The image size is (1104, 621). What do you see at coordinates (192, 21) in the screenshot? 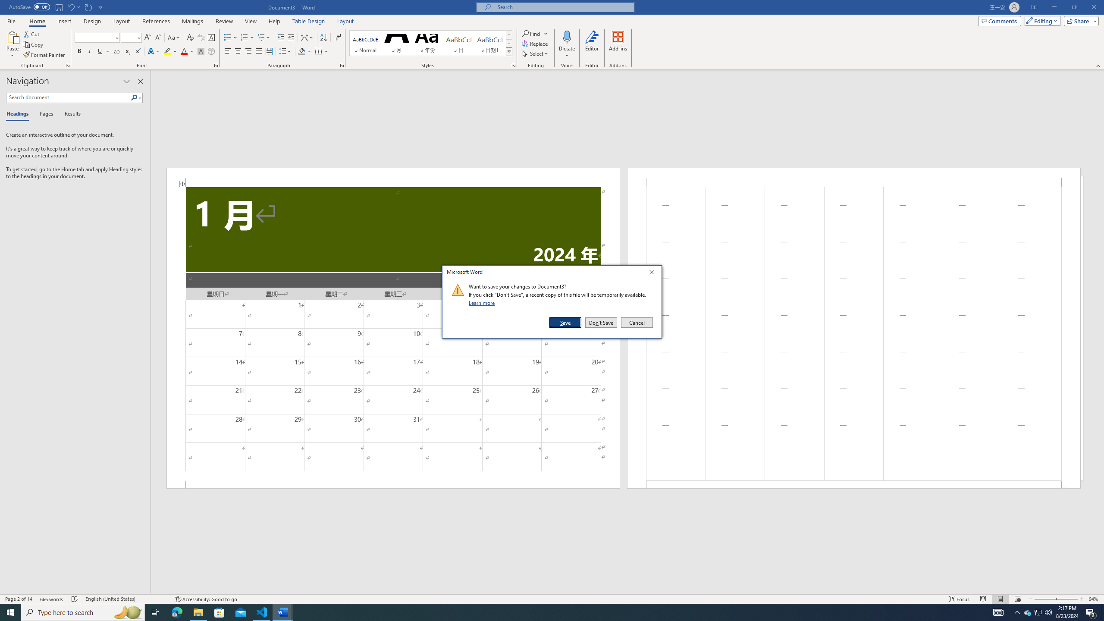
I see `'Mailings'` at bounding box center [192, 21].